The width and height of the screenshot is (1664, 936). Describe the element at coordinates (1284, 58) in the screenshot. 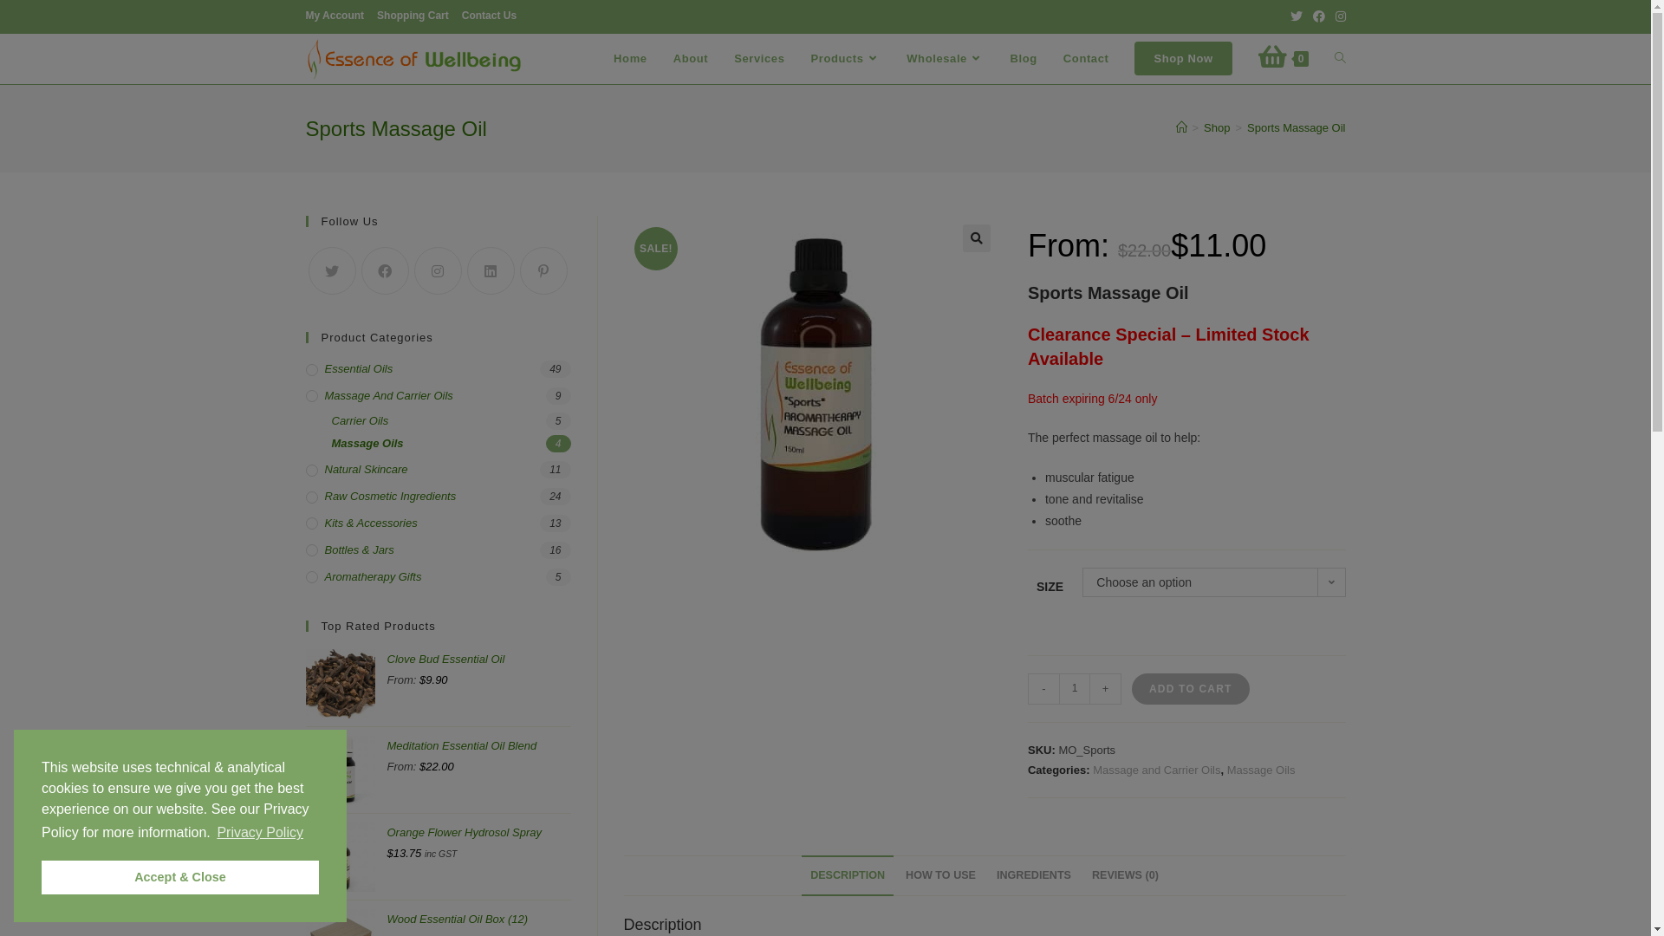

I see `'0'` at that location.